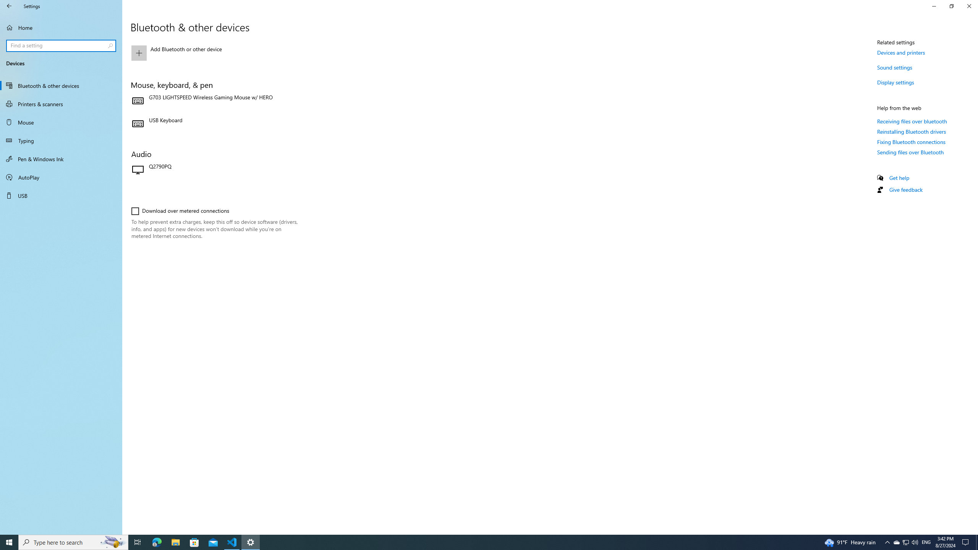  What do you see at coordinates (912, 131) in the screenshot?
I see `'Reinstalling Bluetooth drivers'` at bounding box center [912, 131].